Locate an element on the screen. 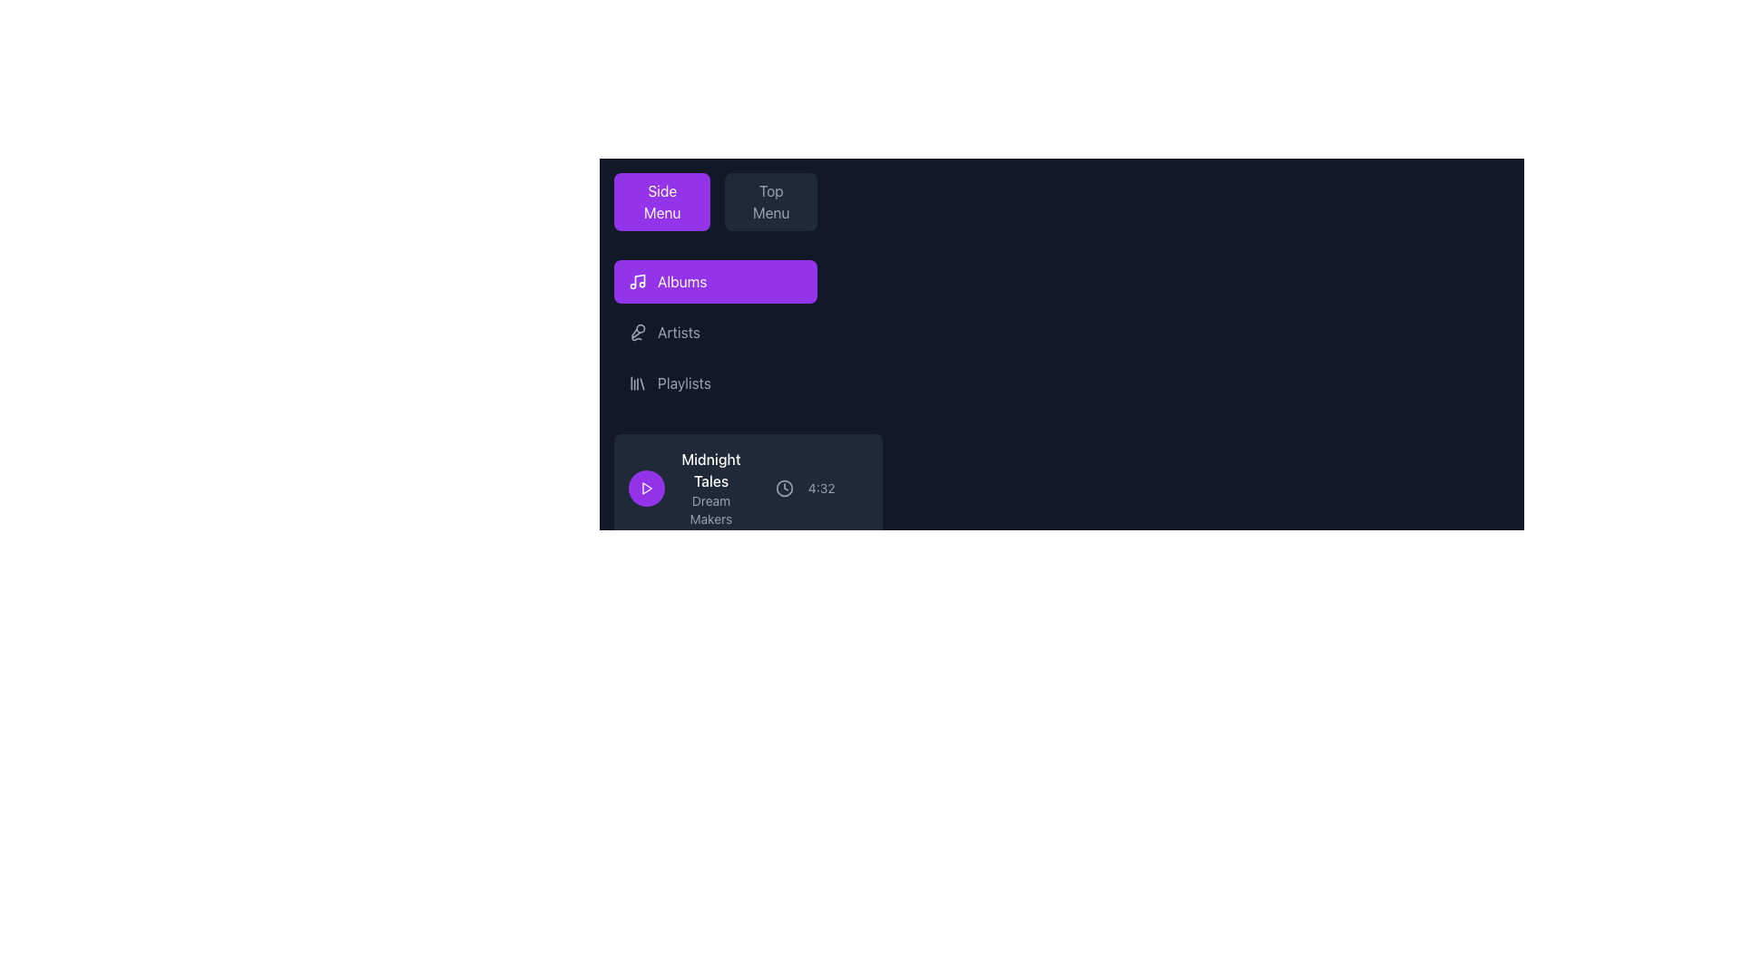 The image size is (1742, 979). the SVG Circle that visually represents a clock or timer, located near the text 'Midnight Tales' and the duration '4:32' is located at coordinates (784, 488).